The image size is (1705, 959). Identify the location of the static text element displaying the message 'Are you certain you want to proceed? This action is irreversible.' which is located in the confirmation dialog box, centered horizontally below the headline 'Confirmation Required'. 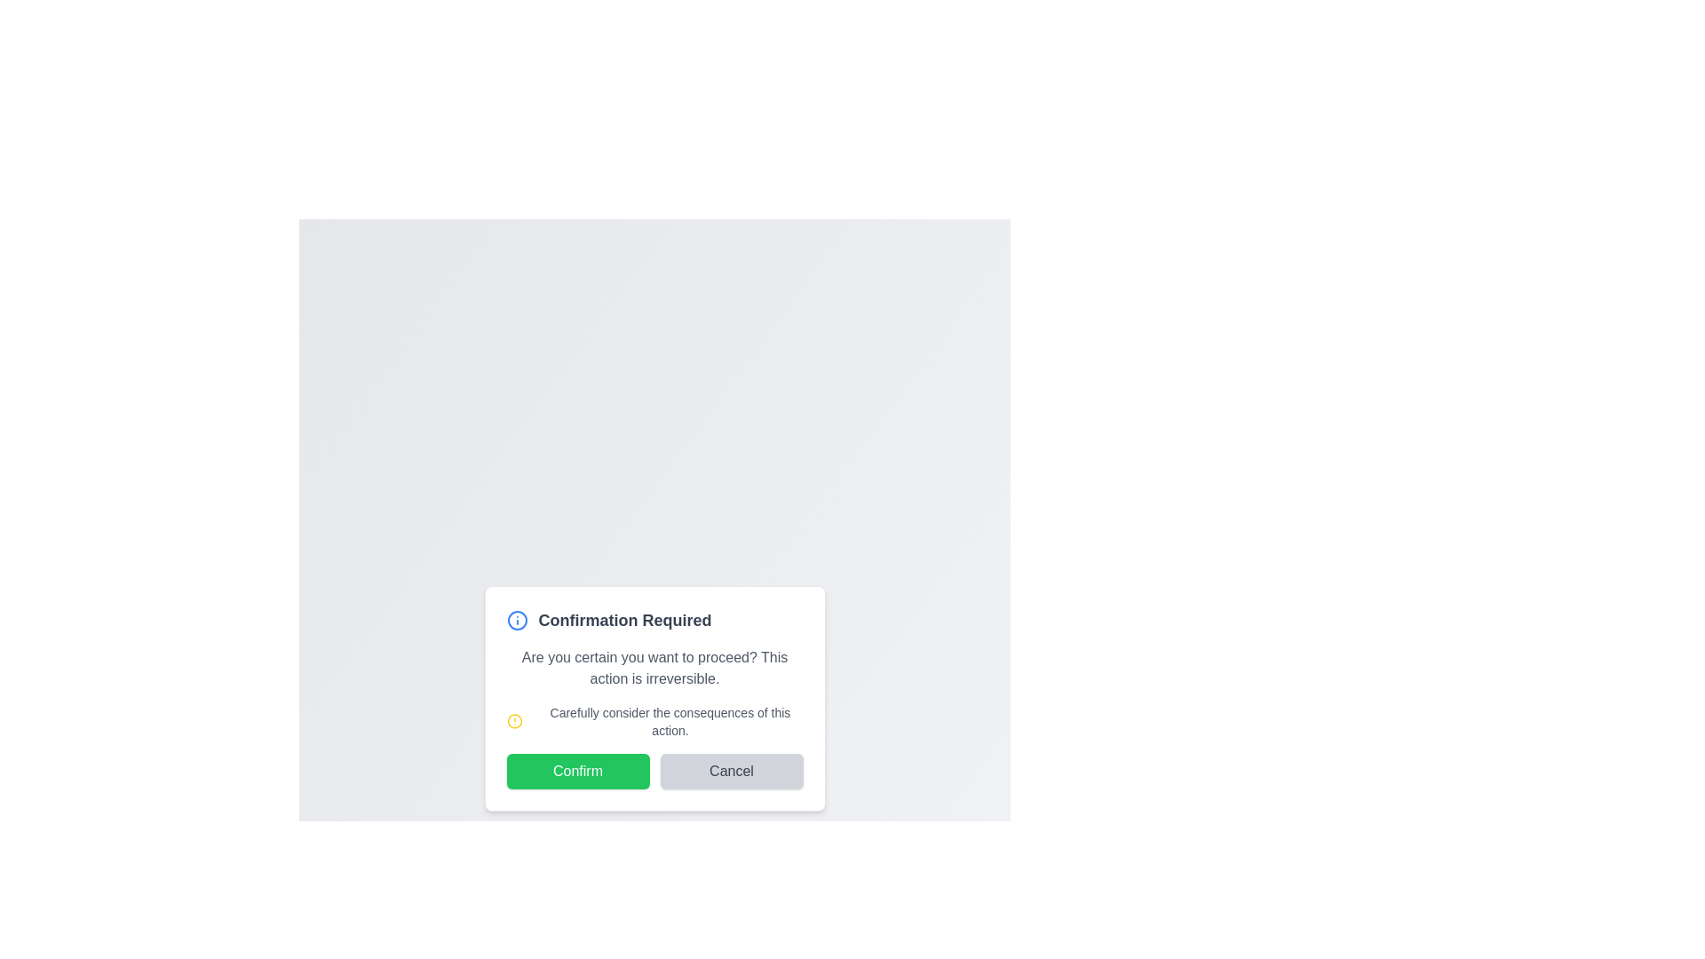
(654, 668).